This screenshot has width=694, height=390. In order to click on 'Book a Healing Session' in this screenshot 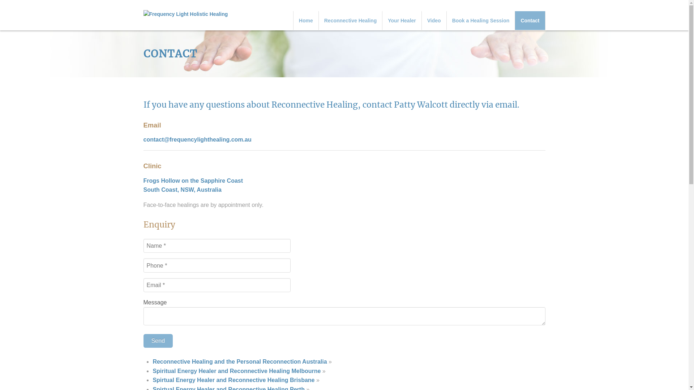, I will do `click(481, 20)`.